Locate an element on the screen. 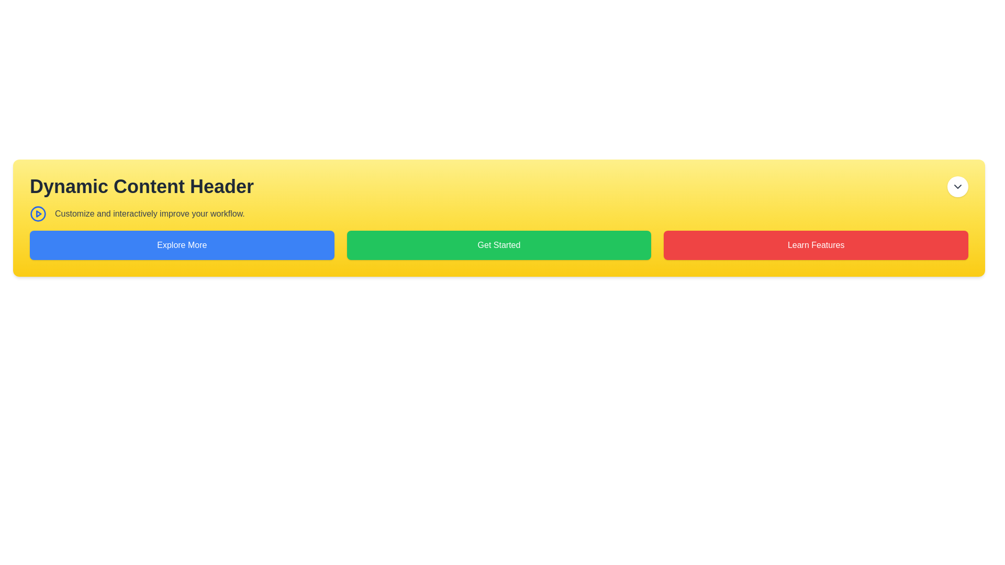  the chevron icon located at the top-right of the panel is located at coordinates (957, 186).